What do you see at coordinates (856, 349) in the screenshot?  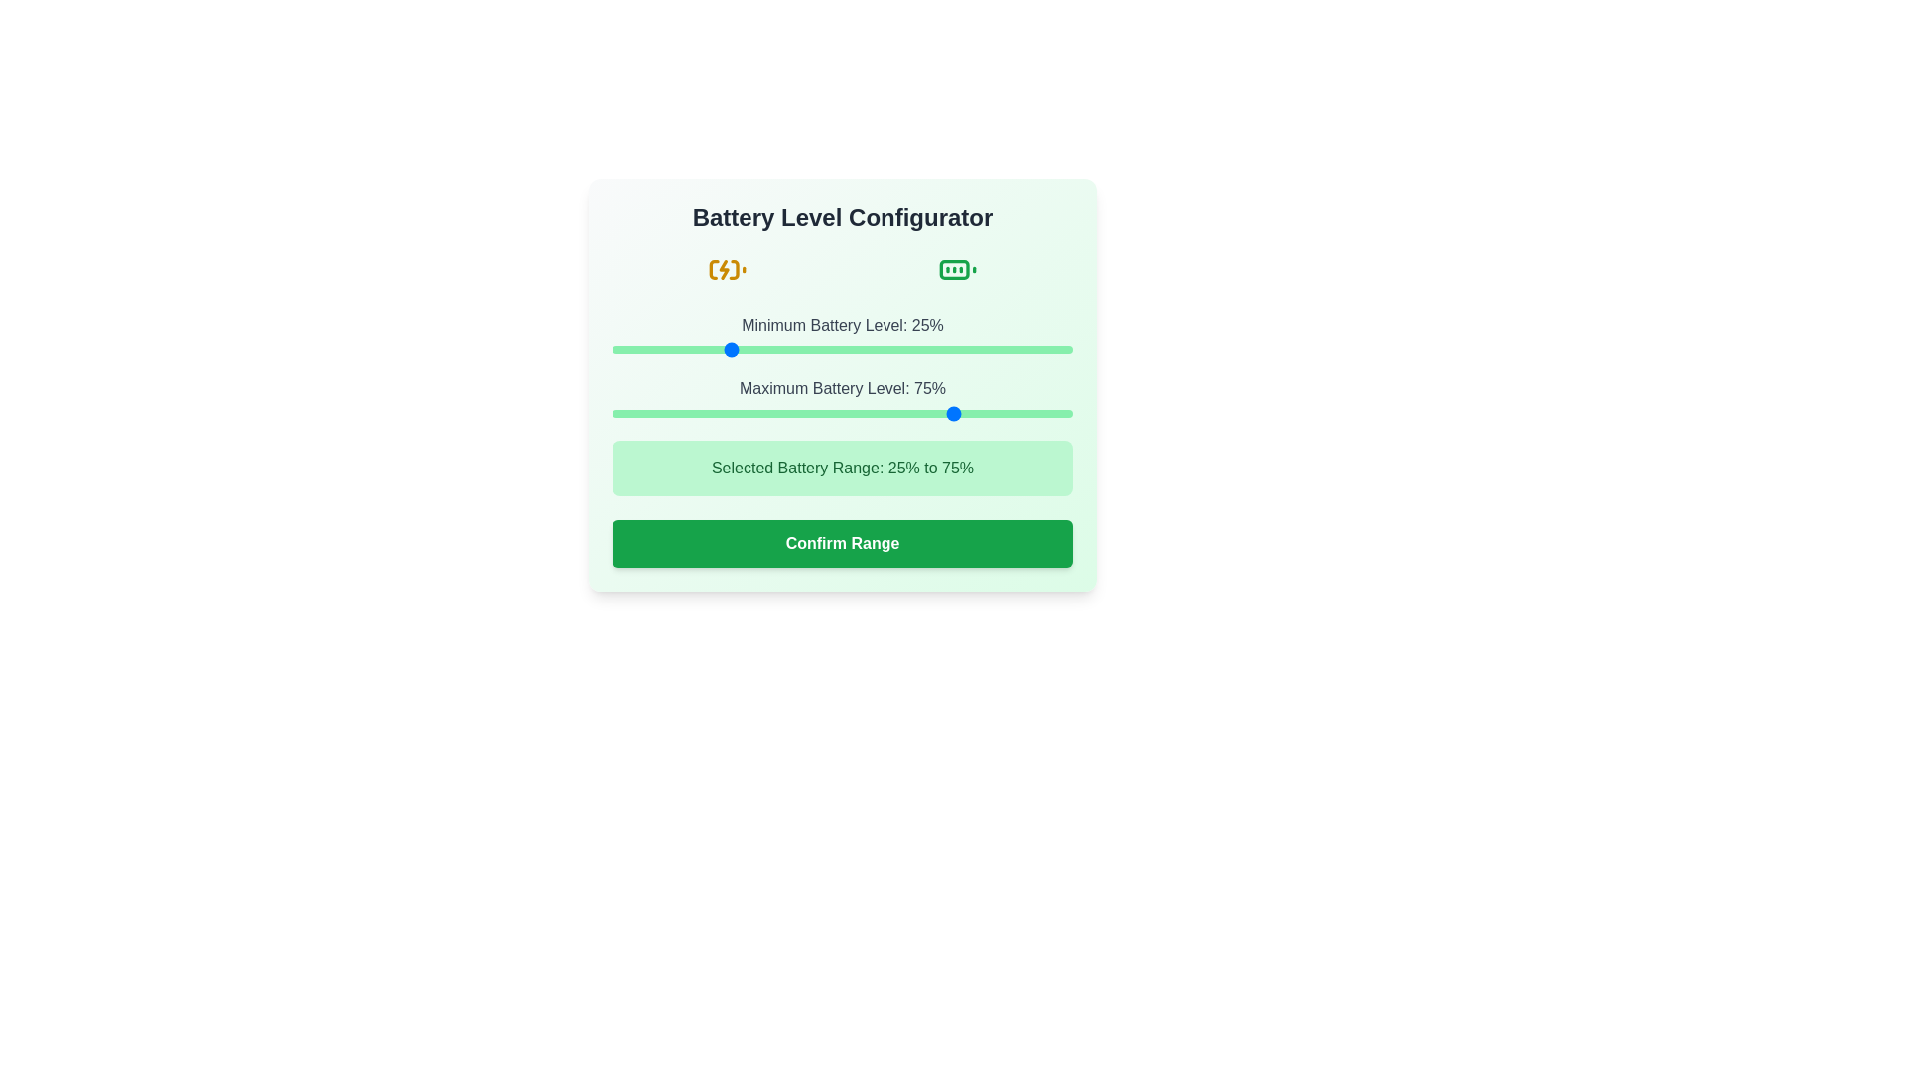 I see `the minimum battery level` at bounding box center [856, 349].